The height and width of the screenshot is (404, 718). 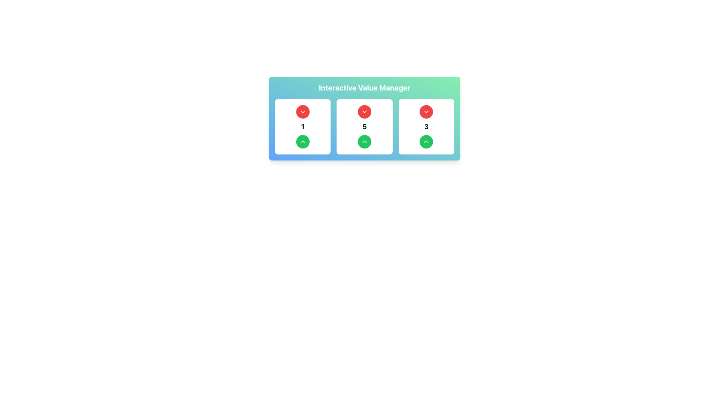 I want to click on the green circular button with an upward-pointing chevron icon located below the number '1' in the first column of the 'Interactive Value Manager' interface, so click(x=303, y=141).